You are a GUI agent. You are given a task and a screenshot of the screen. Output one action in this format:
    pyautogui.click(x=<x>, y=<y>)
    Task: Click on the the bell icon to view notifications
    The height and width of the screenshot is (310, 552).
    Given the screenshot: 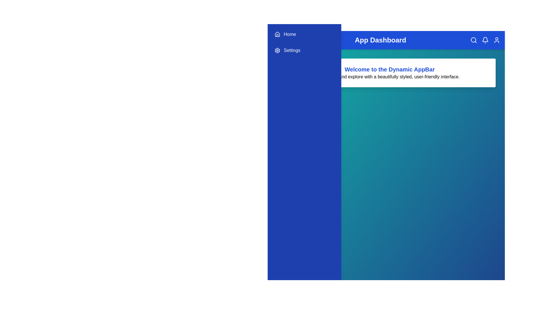 What is the action you would take?
    pyautogui.click(x=485, y=40)
    